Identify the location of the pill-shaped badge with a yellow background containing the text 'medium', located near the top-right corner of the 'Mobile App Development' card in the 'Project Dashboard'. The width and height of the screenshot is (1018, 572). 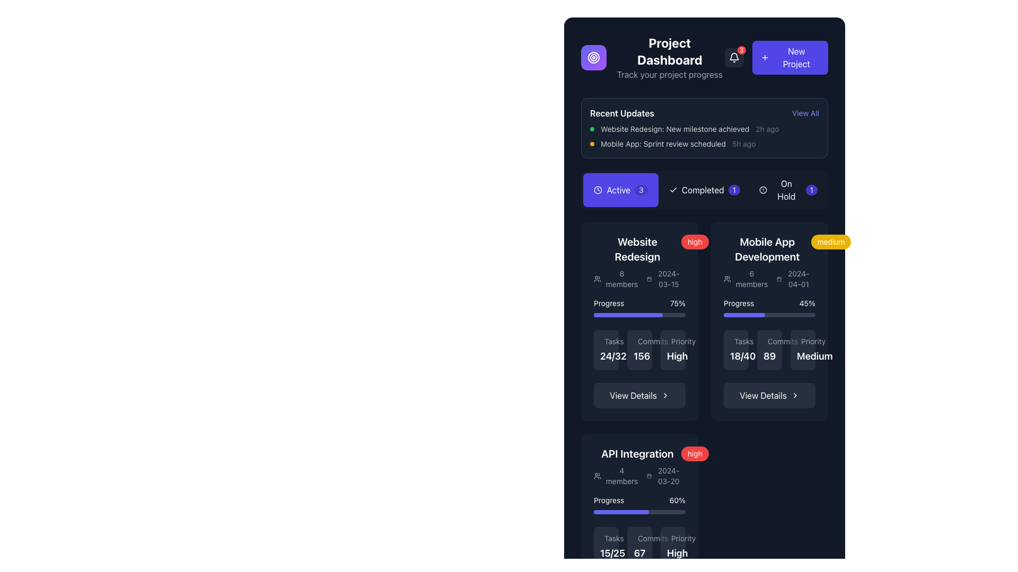
(830, 242).